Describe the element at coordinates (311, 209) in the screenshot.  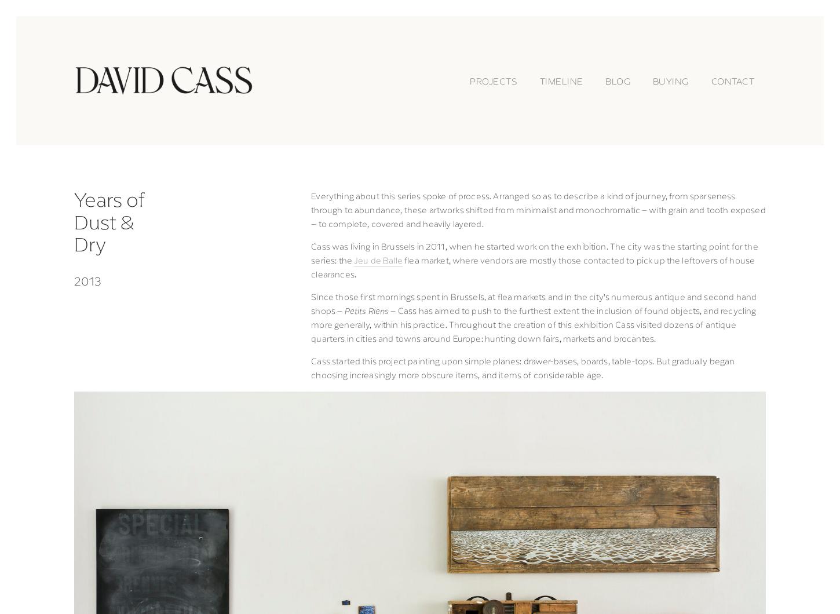
I see `'Everything about this series spoke of process. Arranged so as to describe a kind of journey, from sparseness through to abundance, these artworks shifted from minimalist and monochromatic – with grain and tooth exposed – to complete, covered and heavily layered.'` at that location.